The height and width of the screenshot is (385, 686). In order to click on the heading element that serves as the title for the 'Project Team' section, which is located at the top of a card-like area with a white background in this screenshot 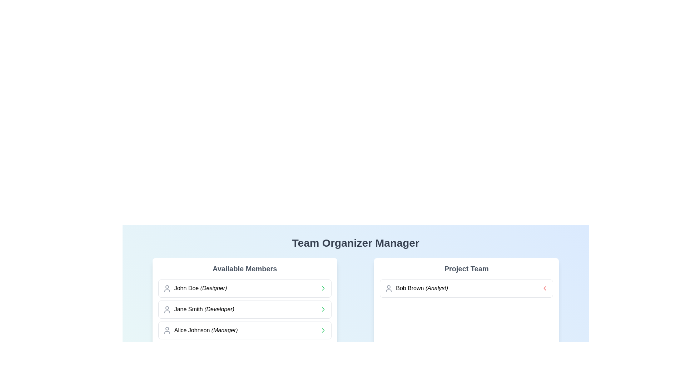, I will do `click(466, 268)`.